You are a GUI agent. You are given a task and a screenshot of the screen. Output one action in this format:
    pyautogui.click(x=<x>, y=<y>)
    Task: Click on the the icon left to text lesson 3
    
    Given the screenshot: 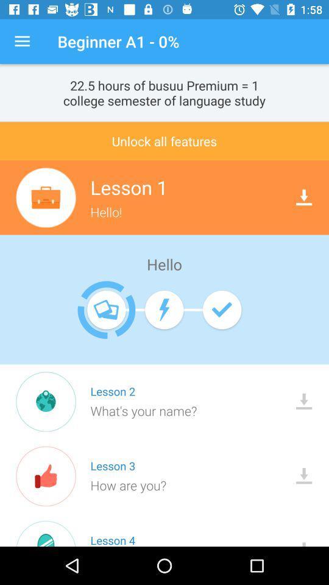 What is the action you would take?
    pyautogui.click(x=45, y=476)
    